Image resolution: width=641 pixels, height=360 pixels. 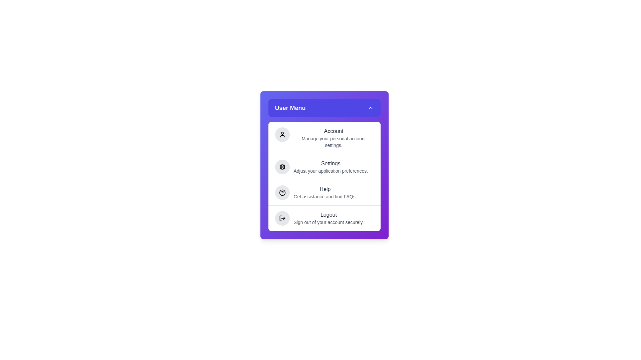 I want to click on the menu item Help to view its highlight effect, so click(x=324, y=192).